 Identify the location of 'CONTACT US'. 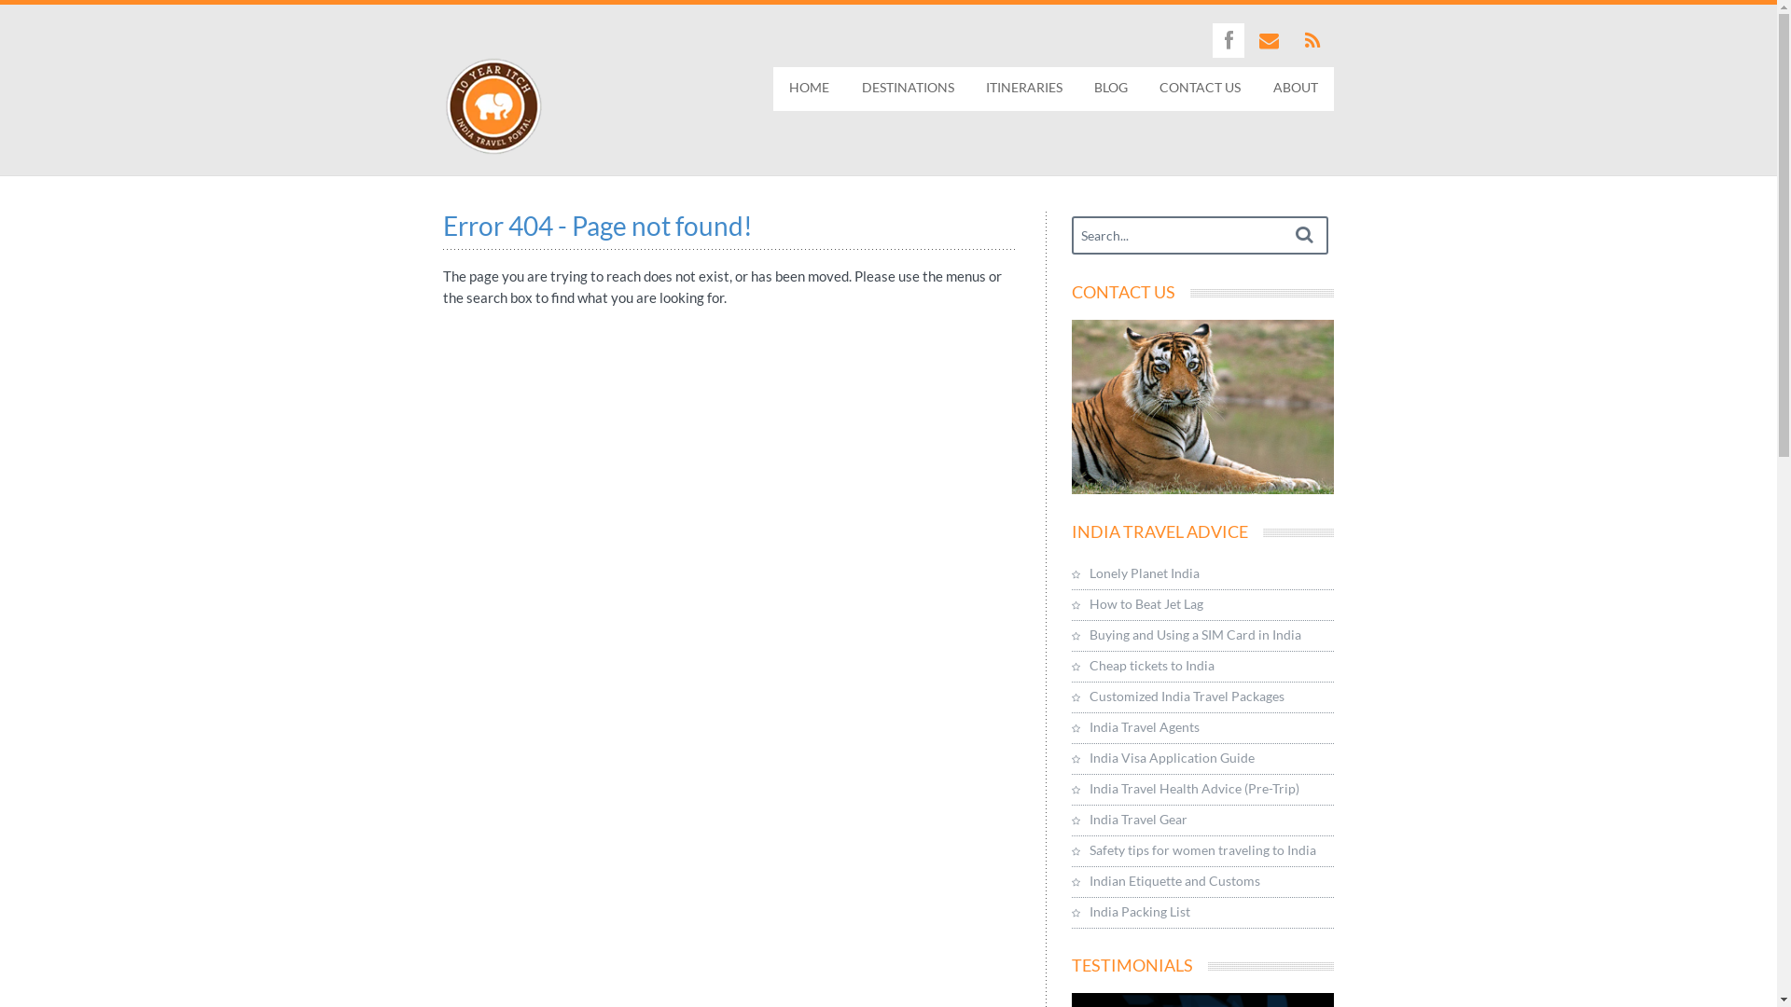
(1200, 89).